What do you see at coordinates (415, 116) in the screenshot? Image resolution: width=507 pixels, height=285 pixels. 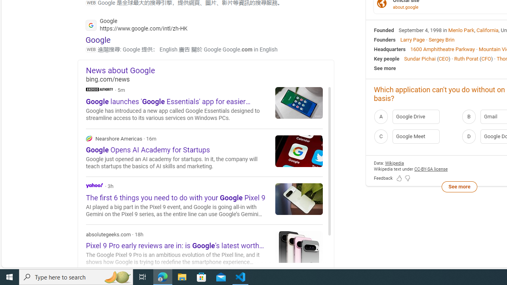 I see `'A Google Drive'` at bounding box center [415, 116].